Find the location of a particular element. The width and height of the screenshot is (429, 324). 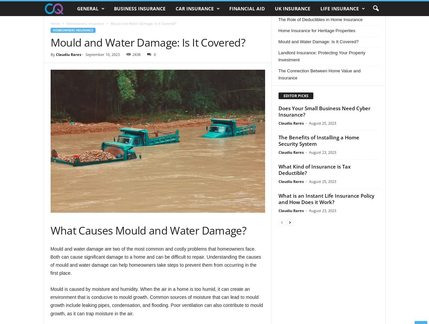

'EDITOR PICKS' is located at coordinates (295, 95).